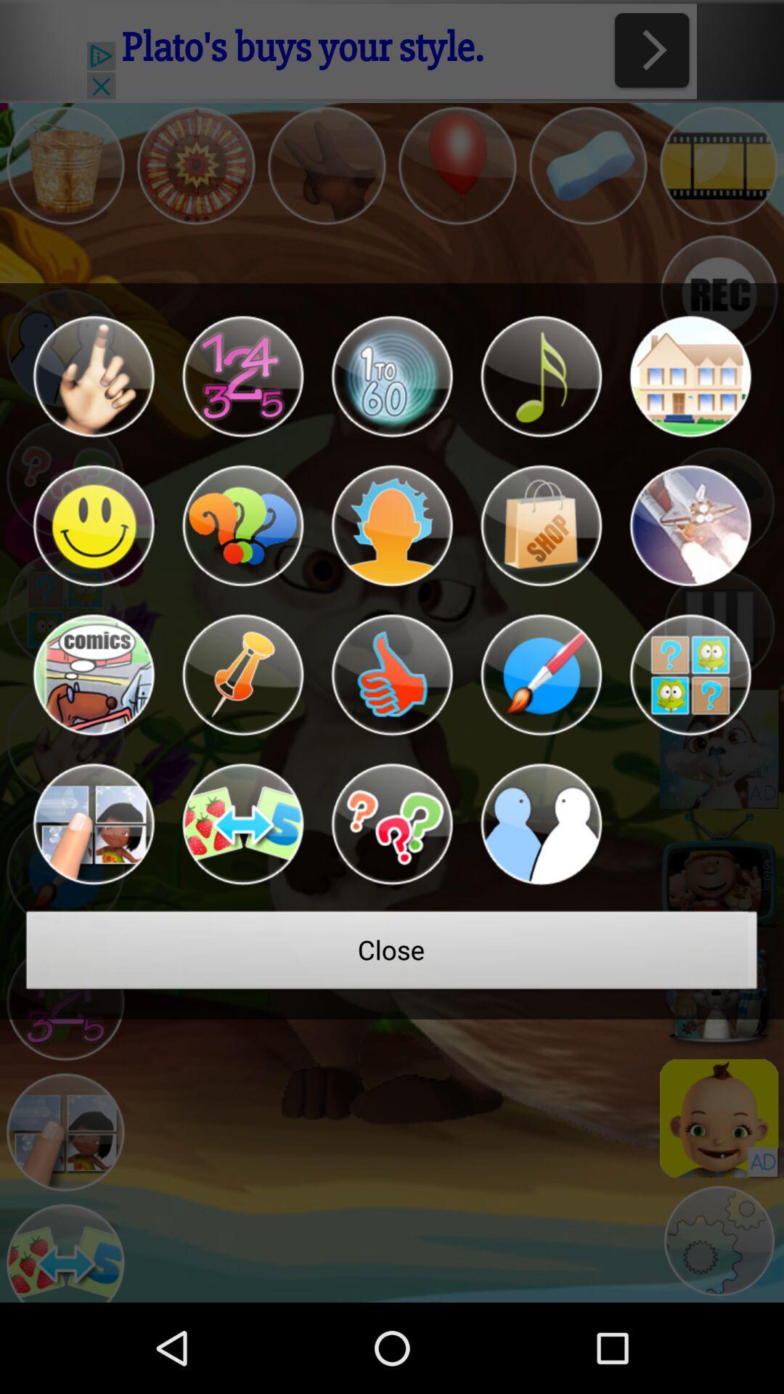 This screenshot has width=784, height=1394. I want to click on open questions, so click(392, 824).